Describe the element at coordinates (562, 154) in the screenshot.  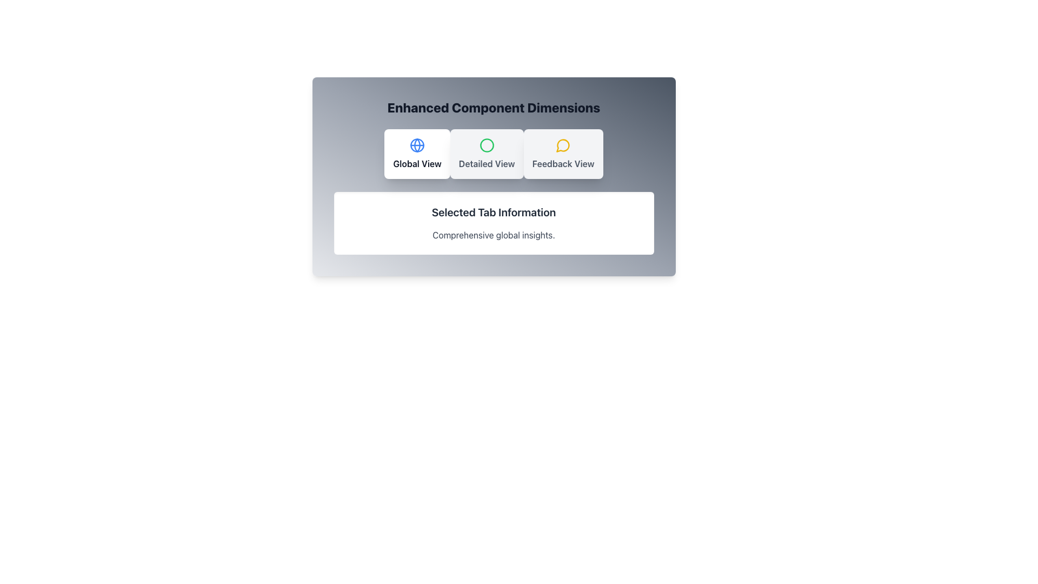
I see `the 'Feedback View' button, which is a rectangular button with a rounded border, a grey background, and a yellow speech bubble icon above the text in bold grey font` at that location.